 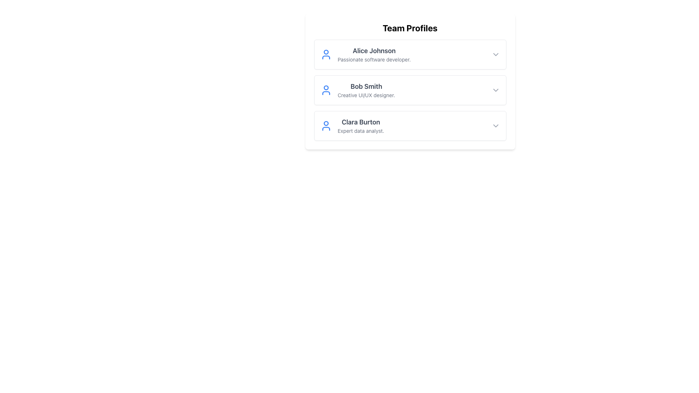 What do you see at coordinates (361, 130) in the screenshot?
I see `the Text Label that describes Clara Burton's expertise as a data analyst, located below her name in the Team Profiles interface` at bounding box center [361, 130].